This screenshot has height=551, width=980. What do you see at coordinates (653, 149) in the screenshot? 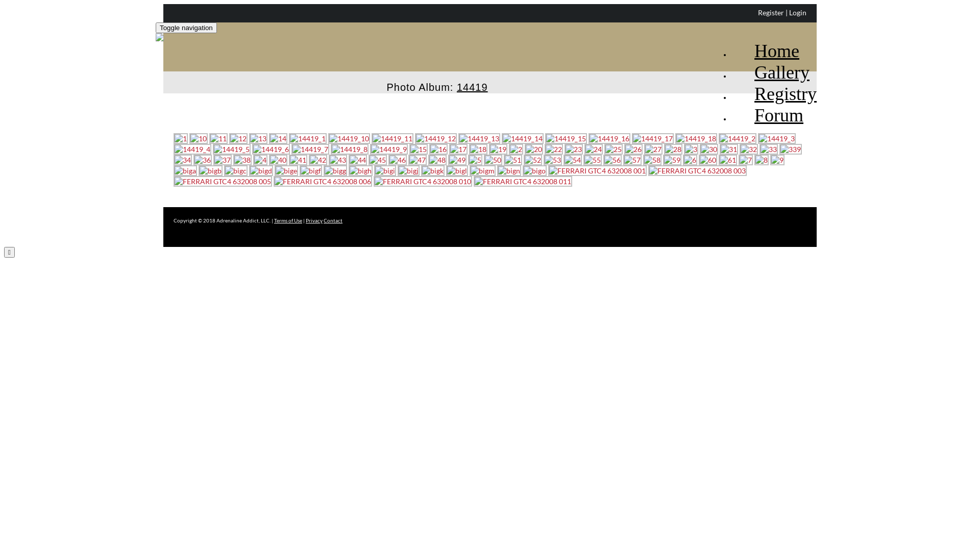
I see `'27 (click to enlarge)'` at bounding box center [653, 149].